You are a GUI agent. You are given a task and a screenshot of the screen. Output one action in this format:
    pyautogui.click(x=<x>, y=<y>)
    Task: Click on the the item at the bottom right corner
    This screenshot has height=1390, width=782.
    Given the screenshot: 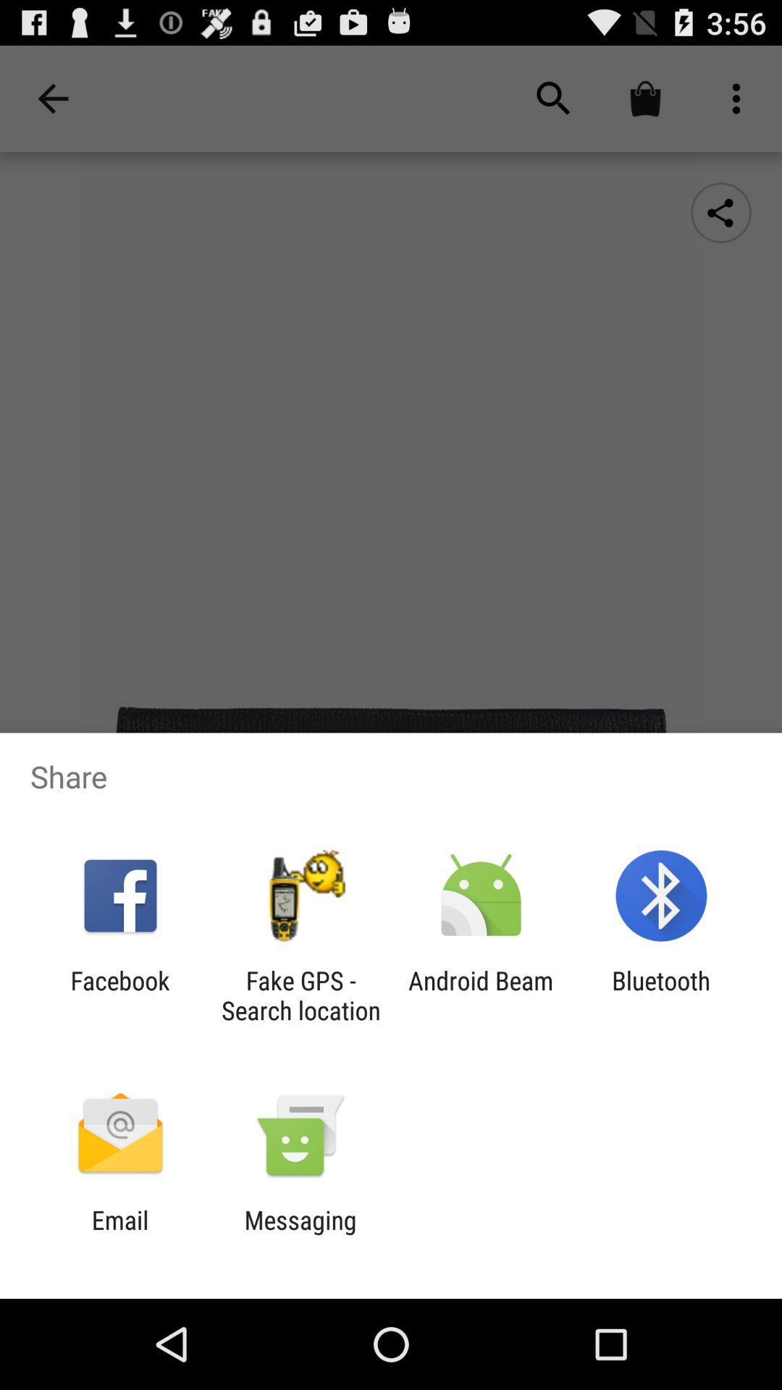 What is the action you would take?
    pyautogui.click(x=661, y=995)
    